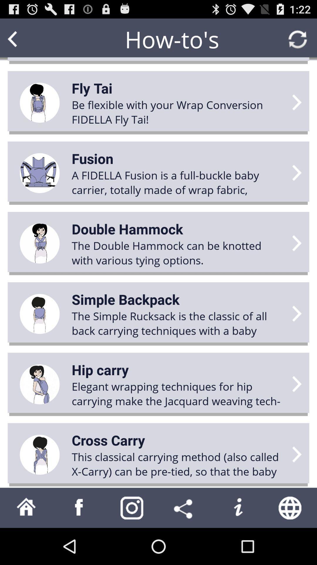  I want to click on refresh page, so click(298, 39).